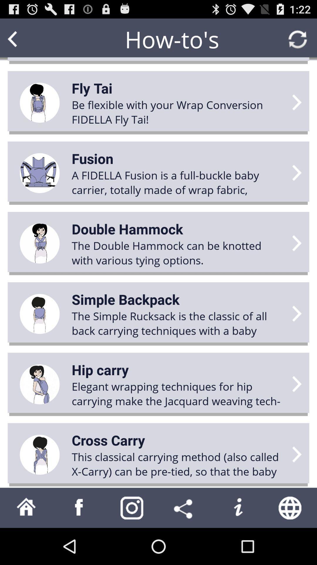  I want to click on refresh page, so click(298, 39).